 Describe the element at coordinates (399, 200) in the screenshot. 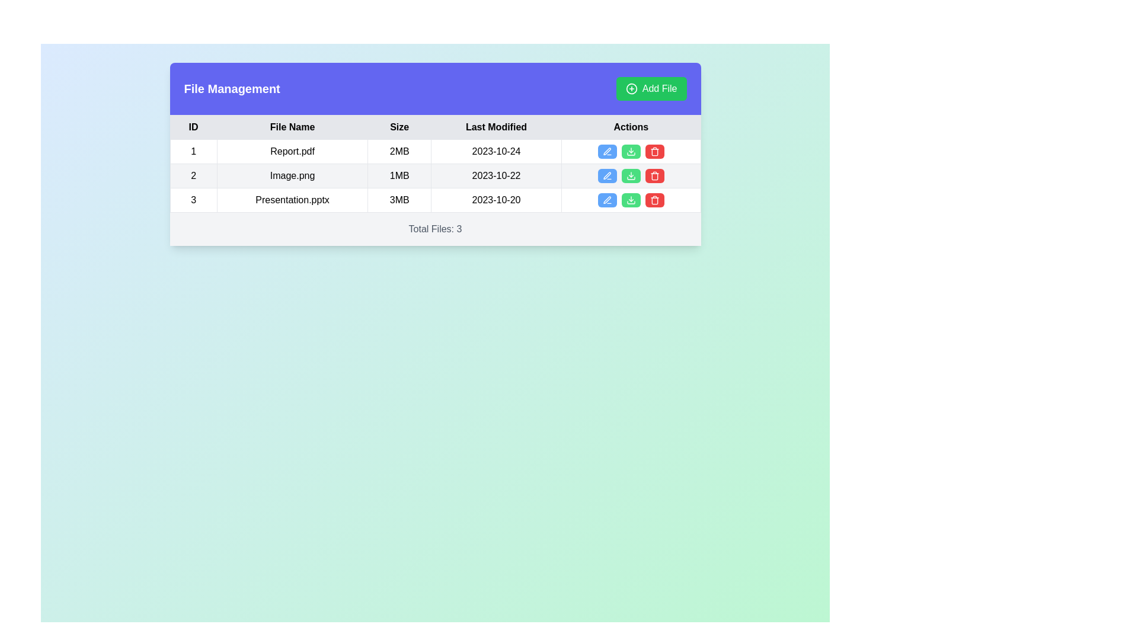

I see `the text label displaying '3MB' in black font, located in the third column of the third row under the header 'Size', aligned with the file 'Presentation.pptx'` at that location.